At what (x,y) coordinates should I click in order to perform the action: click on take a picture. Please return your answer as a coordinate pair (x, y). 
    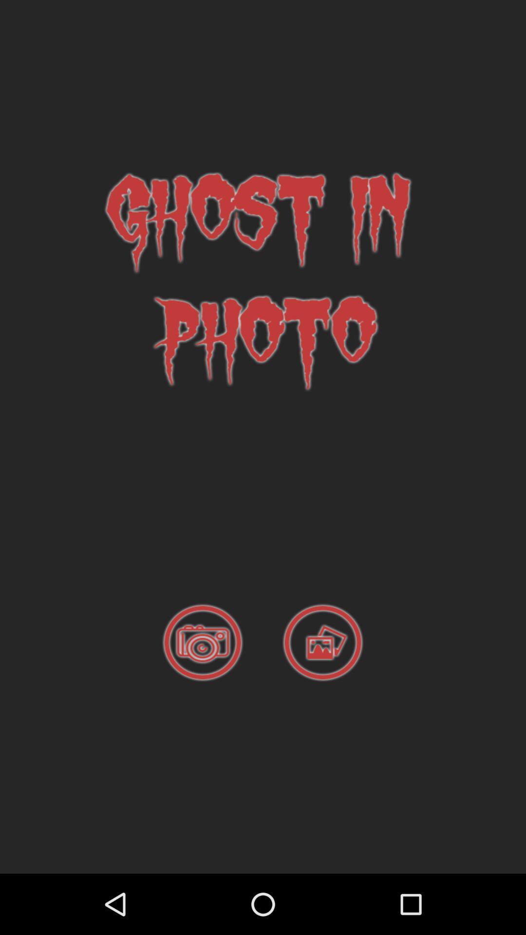
    Looking at the image, I should click on (202, 642).